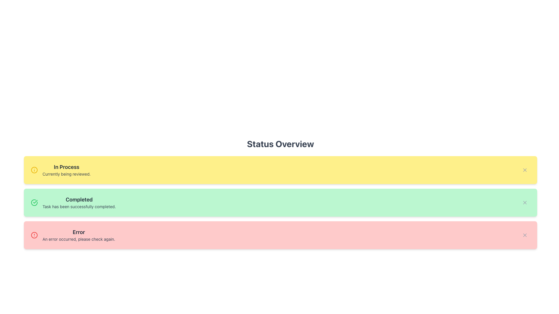 The width and height of the screenshot is (559, 314). I want to click on the related information section associated with the 'Error' message block, which displays a bold 'Error' heading and an alert icon in red, so click(72, 235).